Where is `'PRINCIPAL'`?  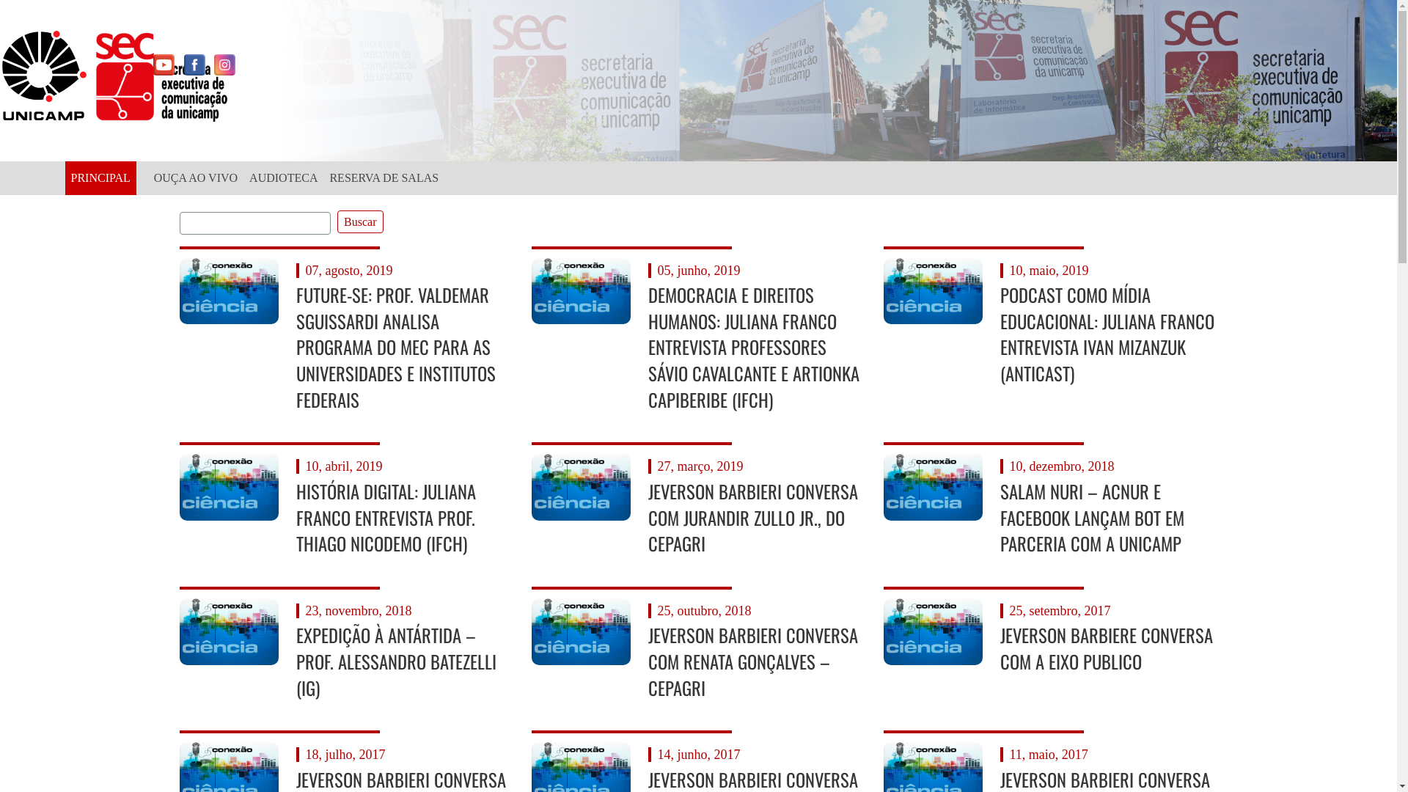
'PRINCIPAL' is located at coordinates (99, 177).